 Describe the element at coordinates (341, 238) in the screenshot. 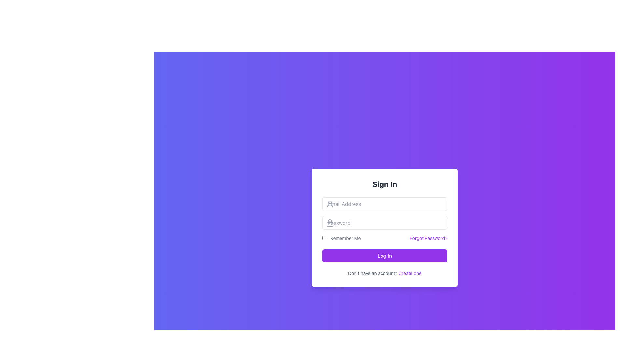

I see `the text label that indicates the purpose of the associated checkbox for remembering the login session, located in the middle section of the login card, center-left area` at that location.